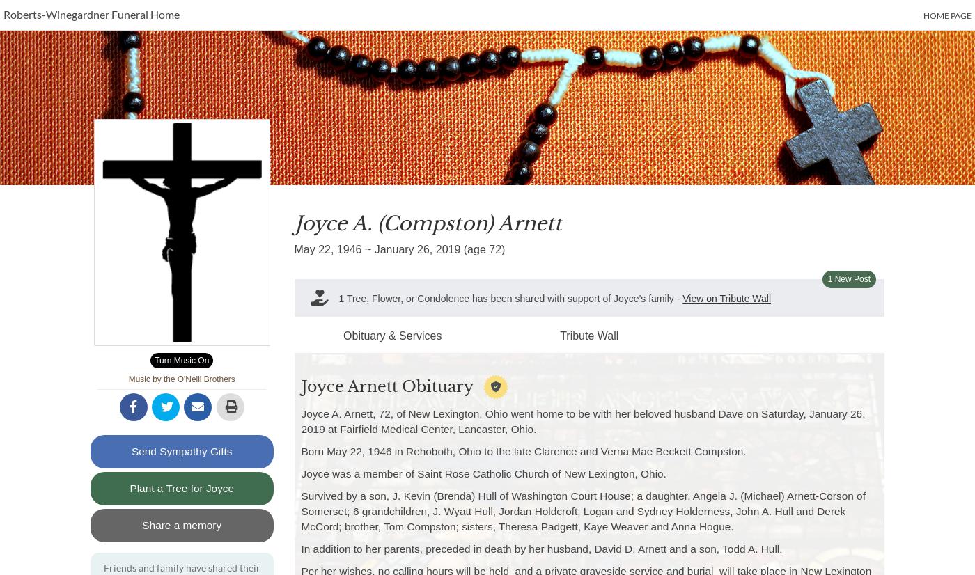  I want to click on 'In addition to her parents, preceded in death by her husband, David D. Arnett and a son, Todd A. Hull.', so click(541, 548).